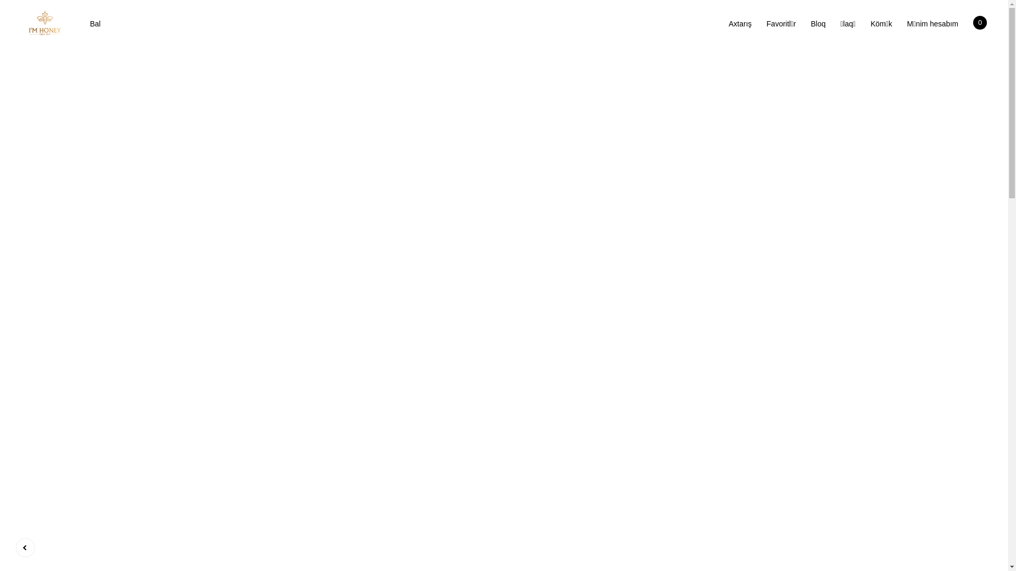 This screenshot has height=571, width=1016. What do you see at coordinates (817, 24) in the screenshot?
I see `'Bloq'` at bounding box center [817, 24].